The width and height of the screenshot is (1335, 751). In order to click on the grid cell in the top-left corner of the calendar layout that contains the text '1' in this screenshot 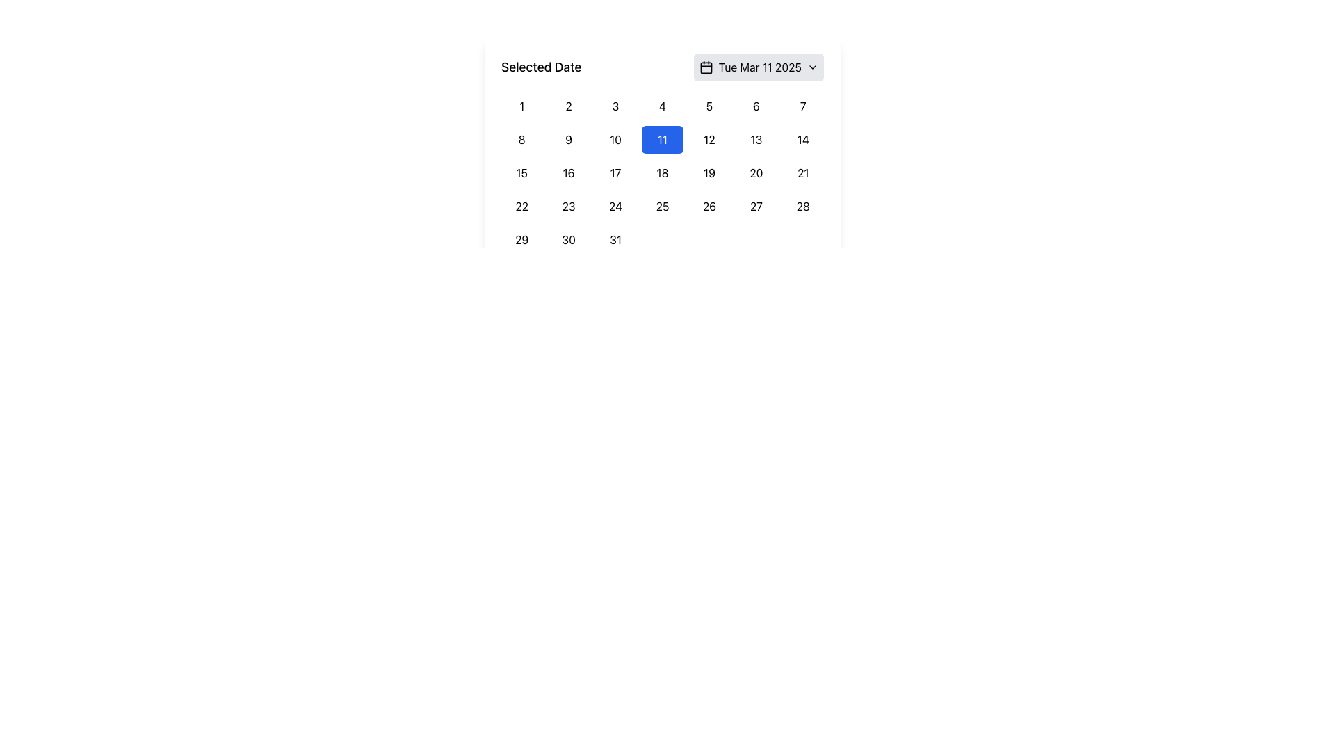, I will do `click(521, 106)`.